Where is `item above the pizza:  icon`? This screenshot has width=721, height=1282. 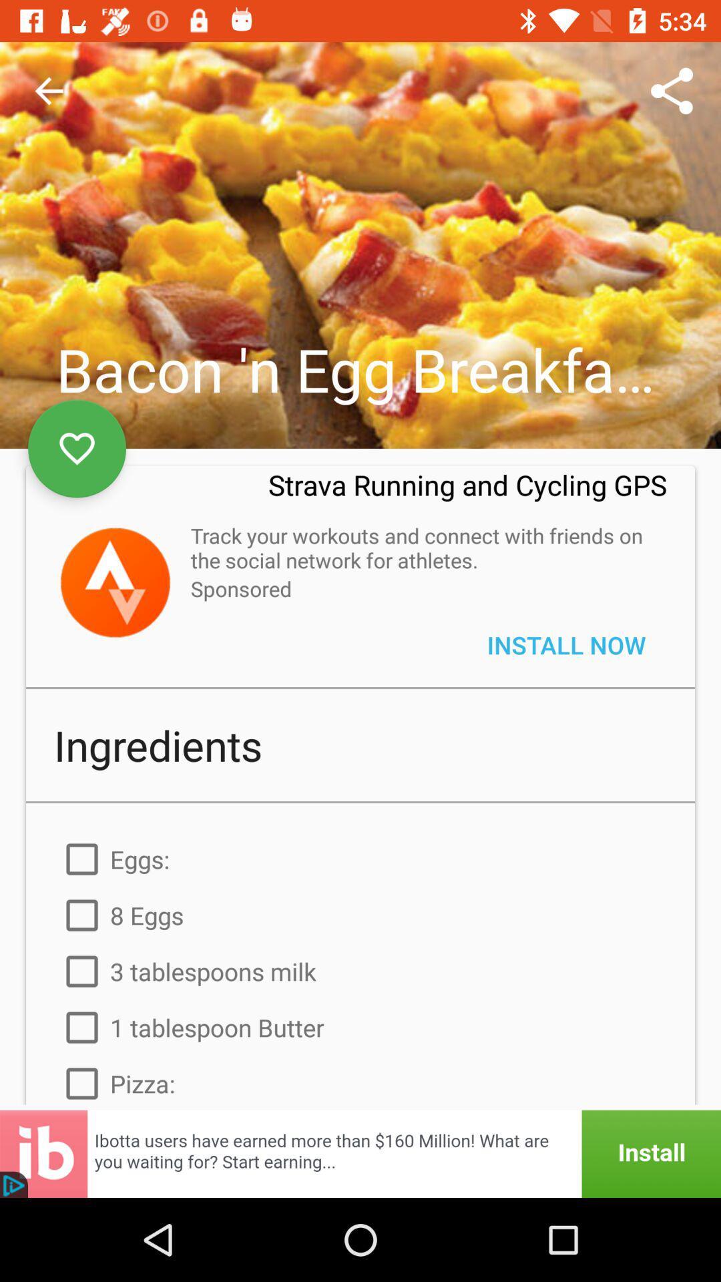 item above the pizza:  icon is located at coordinates (360, 1027).